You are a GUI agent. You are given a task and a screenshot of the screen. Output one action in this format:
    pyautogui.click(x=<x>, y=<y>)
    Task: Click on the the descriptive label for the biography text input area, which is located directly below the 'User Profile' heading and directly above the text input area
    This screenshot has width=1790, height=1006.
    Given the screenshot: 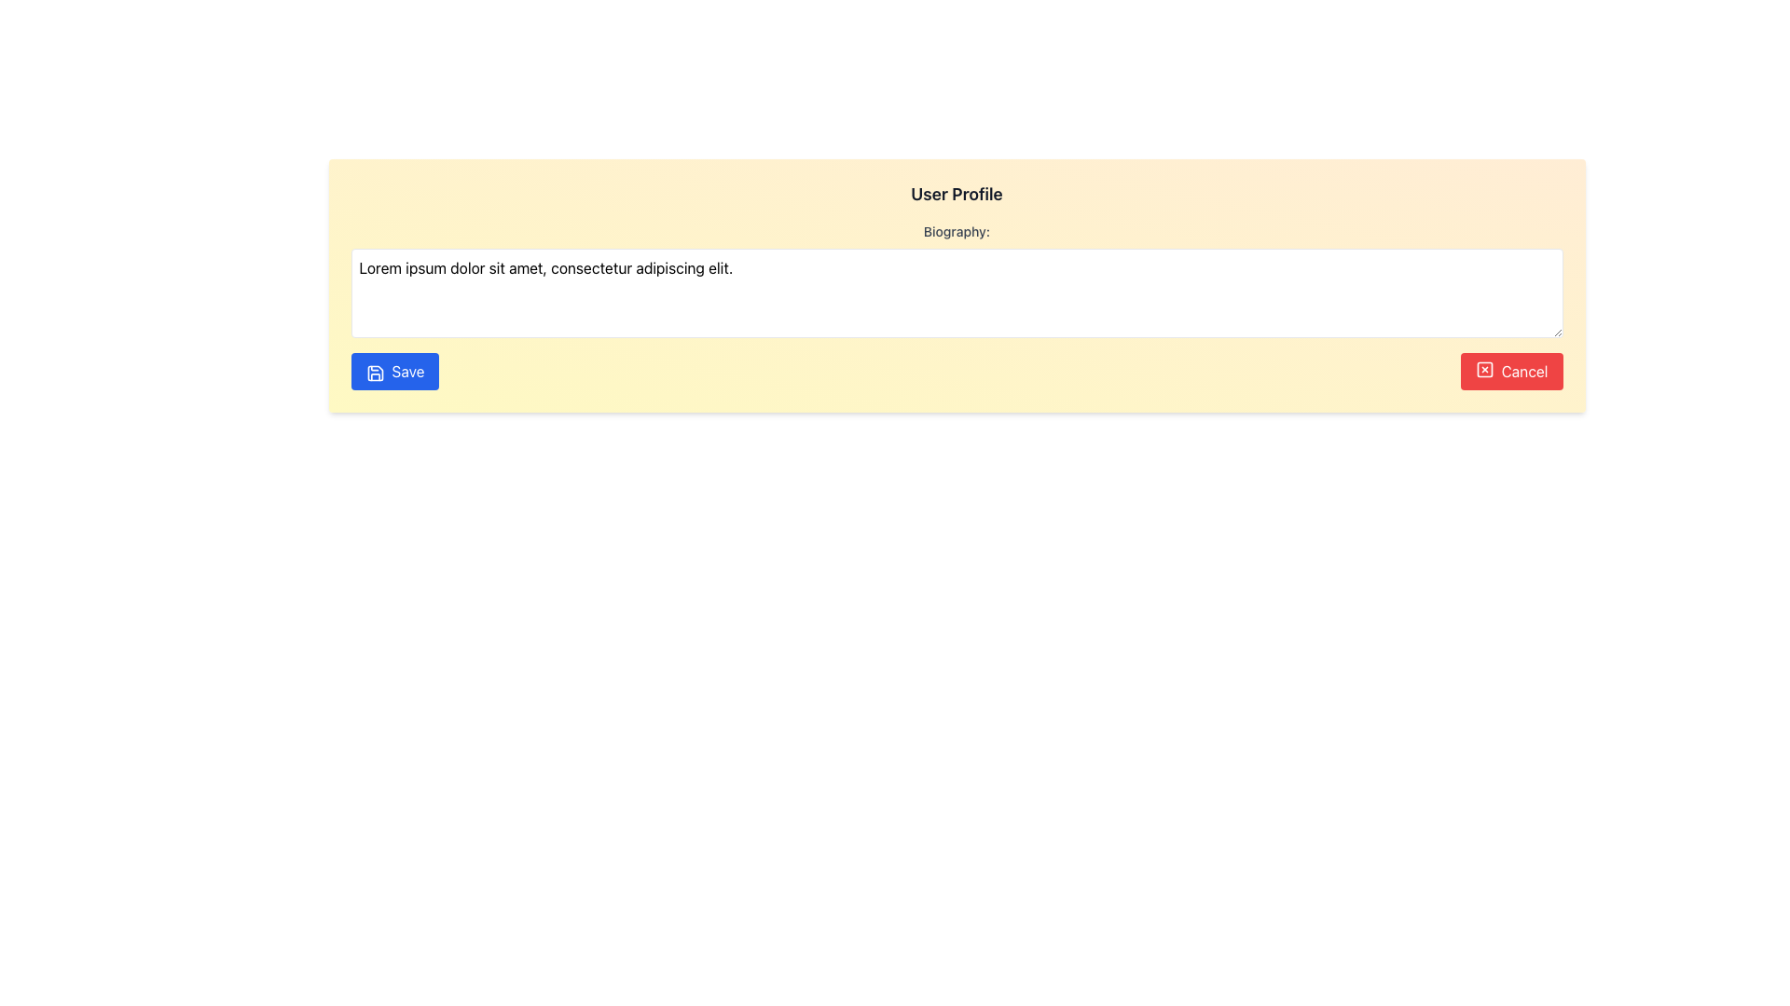 What is the action you would take?
    pyautogui.click(x=957, y=231)
    